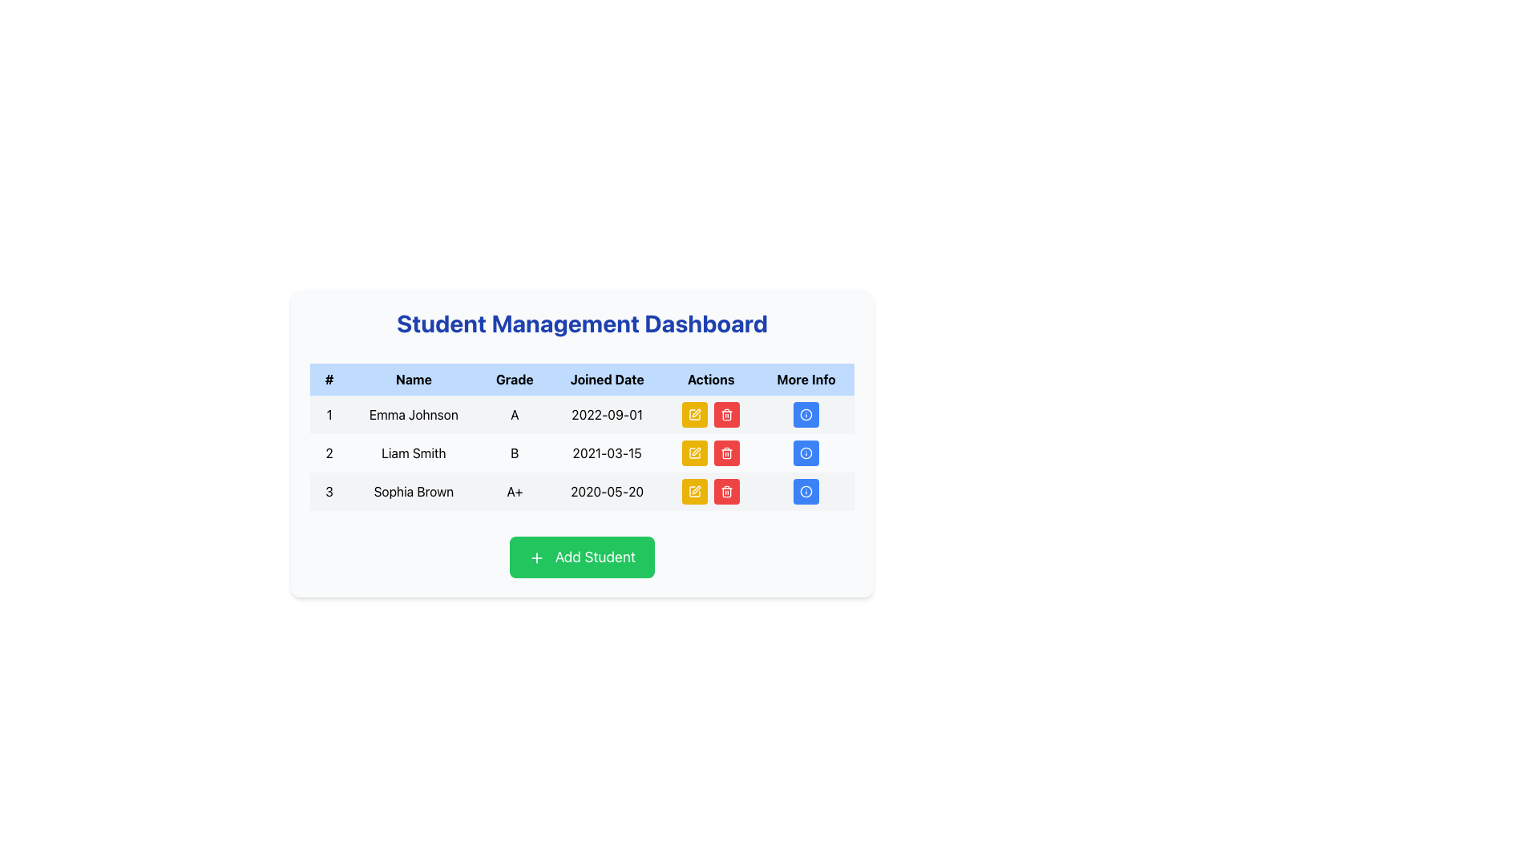  What do you see at coordinates (726, 492) in the screenshot?
I see `the trash icon located in the Action column of the bottom-most row corresponding to Sophia Brown's entry` at bounding box center [726, 492].